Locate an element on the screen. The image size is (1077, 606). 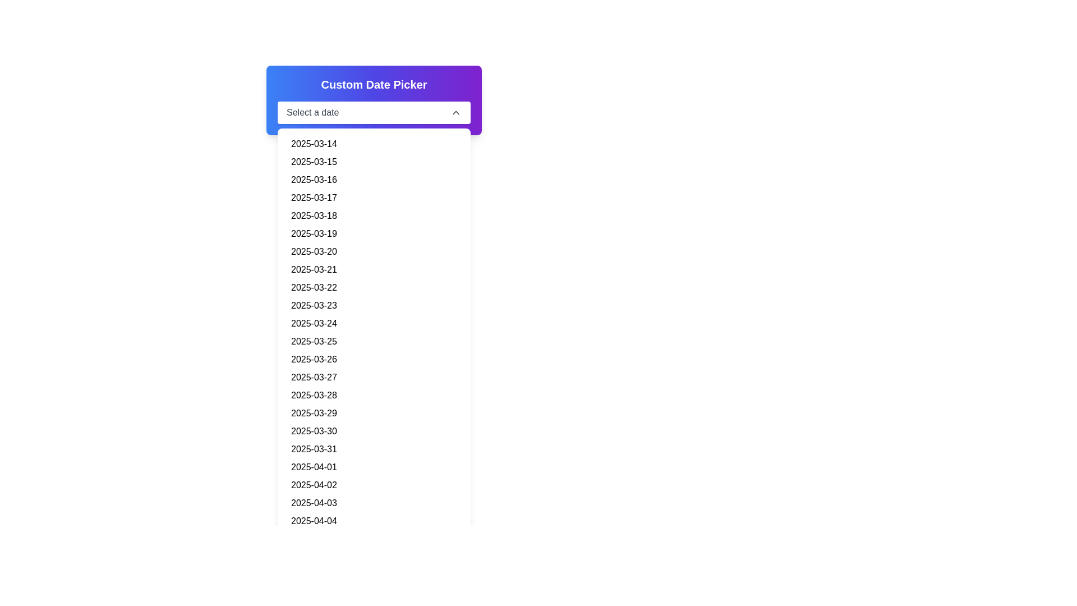
the list item representing the date '2025-03-17' in the dropdown menu, which is the fourth item in the list and located below '2025-03-16' and above '2025-03-18' is located at coordinates (374, 198).